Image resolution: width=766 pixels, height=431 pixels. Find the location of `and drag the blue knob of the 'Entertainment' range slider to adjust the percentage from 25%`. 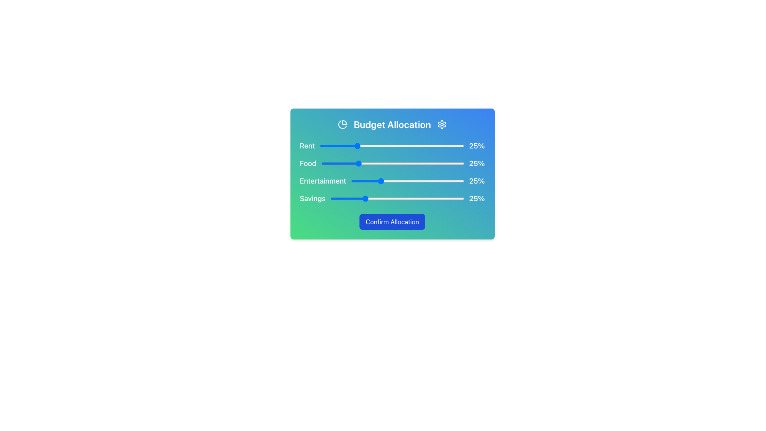

and drag the blue knob of the 'Entertainment' range slider to adjust the percentage from 25% is located at coordinates (408, 181).